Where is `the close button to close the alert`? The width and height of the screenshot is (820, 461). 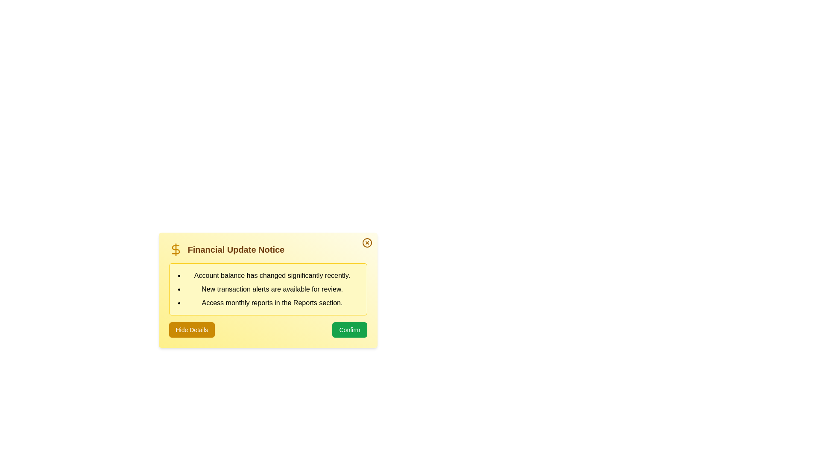 the close button to close the alert is located at coordinates (367, 243).